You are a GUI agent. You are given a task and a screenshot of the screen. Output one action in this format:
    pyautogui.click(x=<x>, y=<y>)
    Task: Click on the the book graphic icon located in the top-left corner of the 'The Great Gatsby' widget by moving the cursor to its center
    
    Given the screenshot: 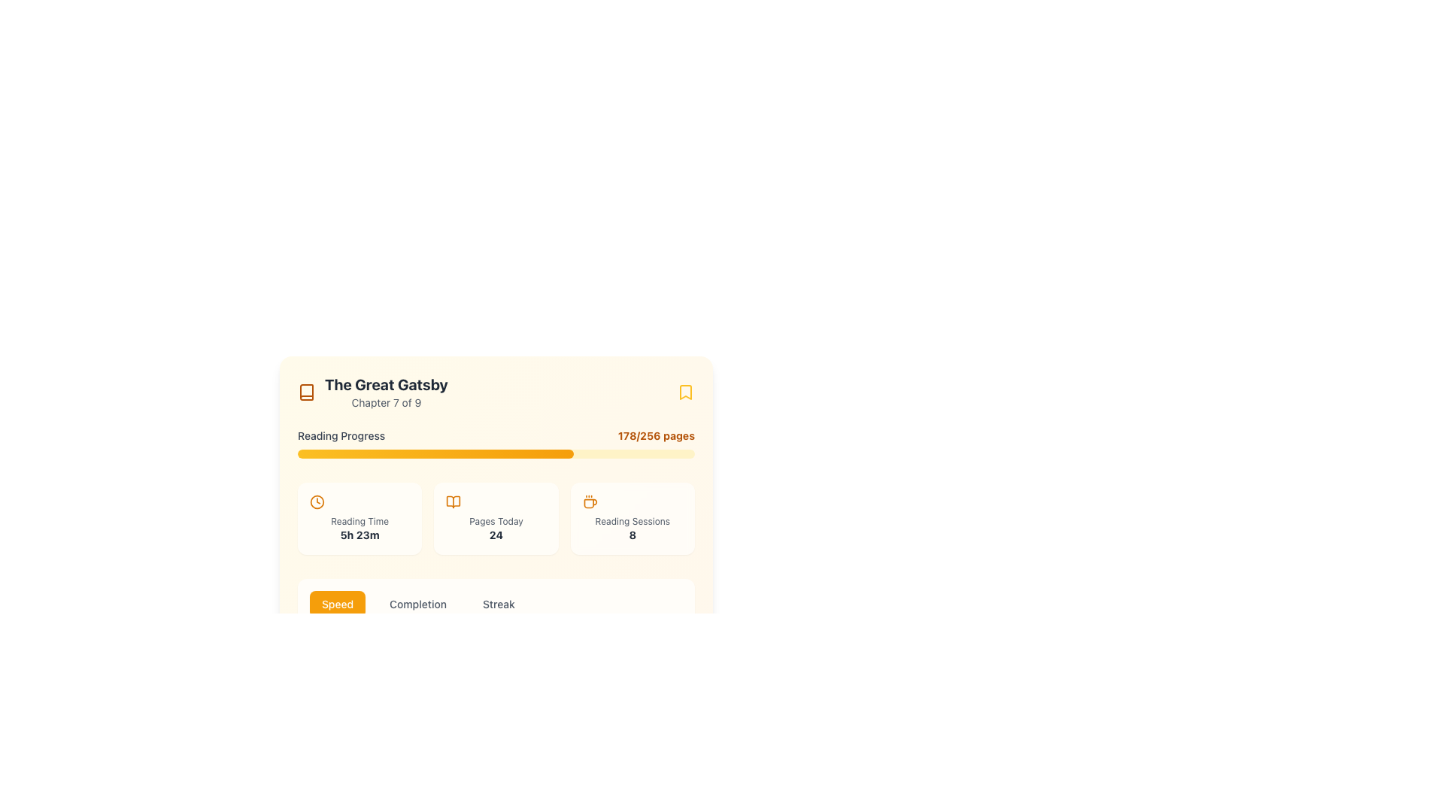 What is the action you would take?
    pyautogui.click(x=306, y=391)
    